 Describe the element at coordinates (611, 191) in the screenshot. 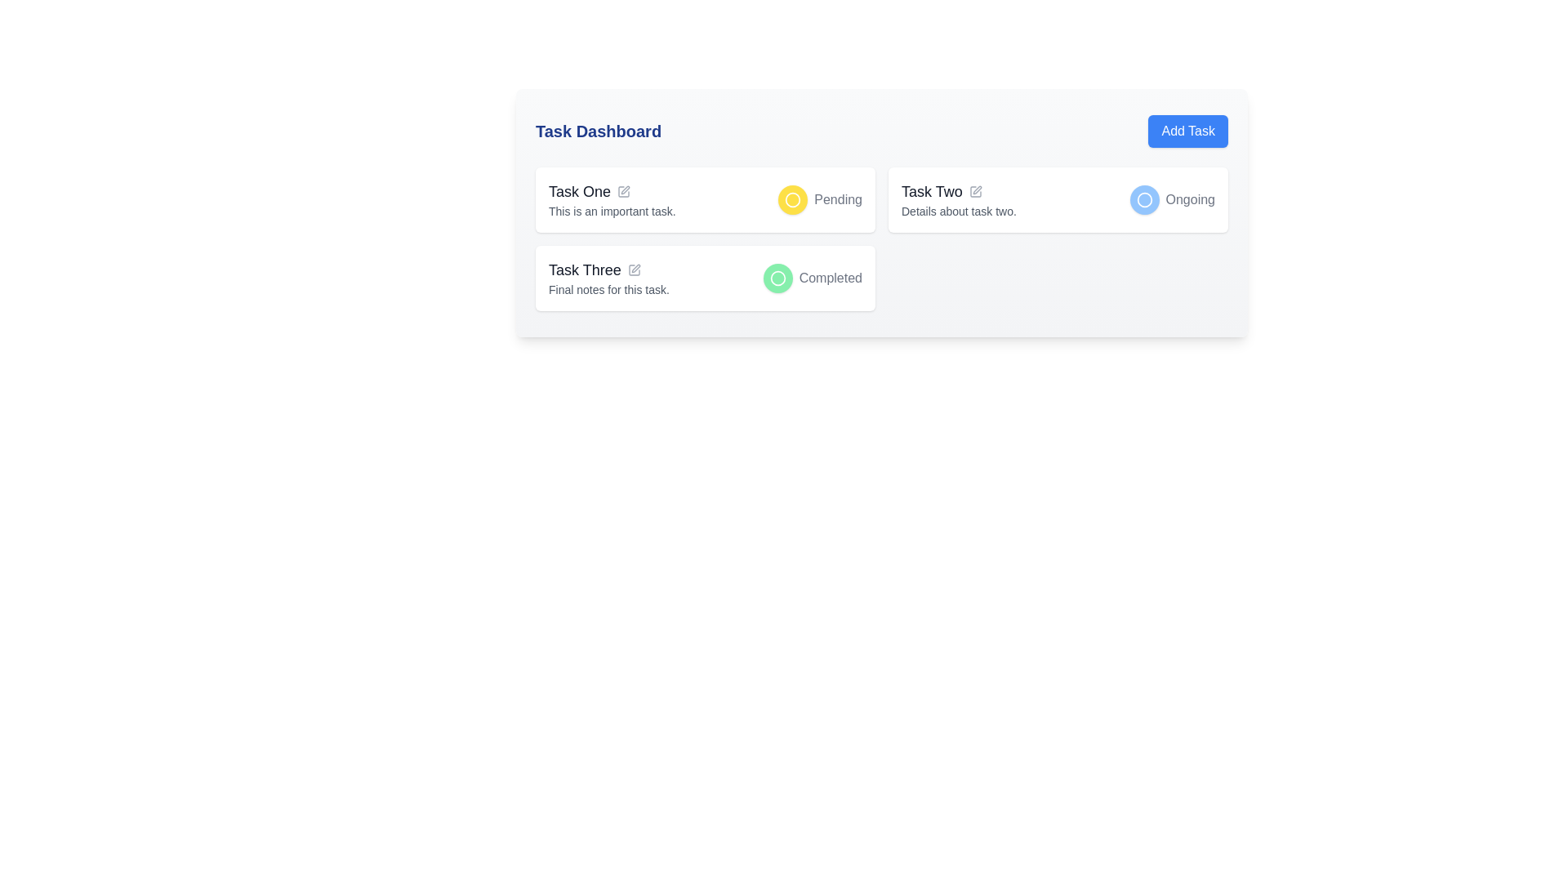

I see `the text label in the first card of the grid layout on the dashboard` at that location.